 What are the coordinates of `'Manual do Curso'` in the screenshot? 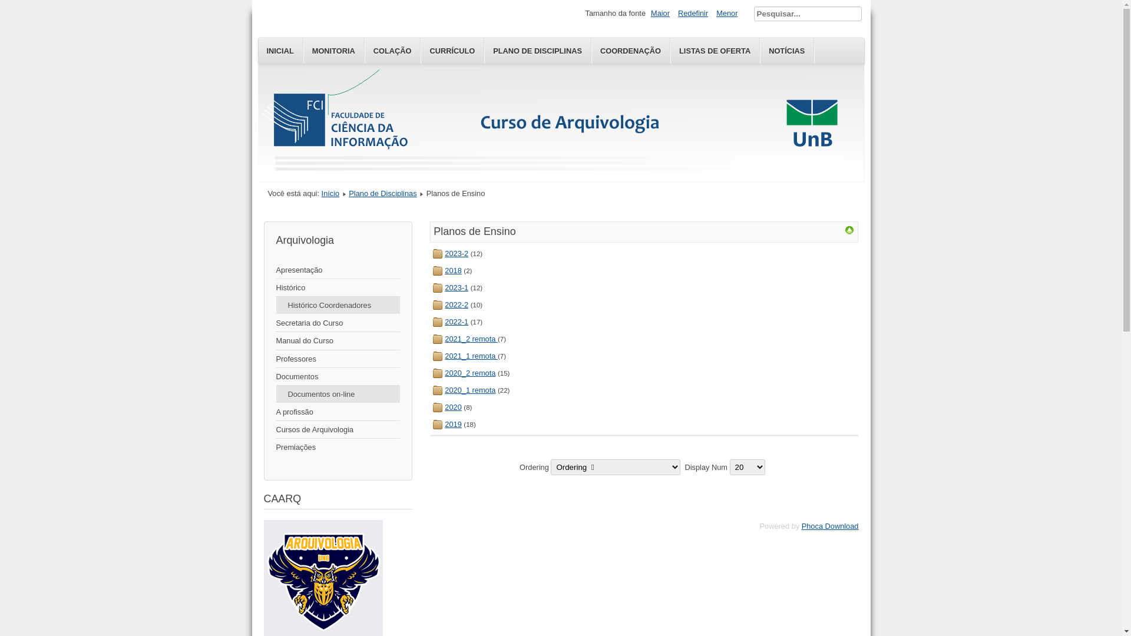 It's located at (337, 340).